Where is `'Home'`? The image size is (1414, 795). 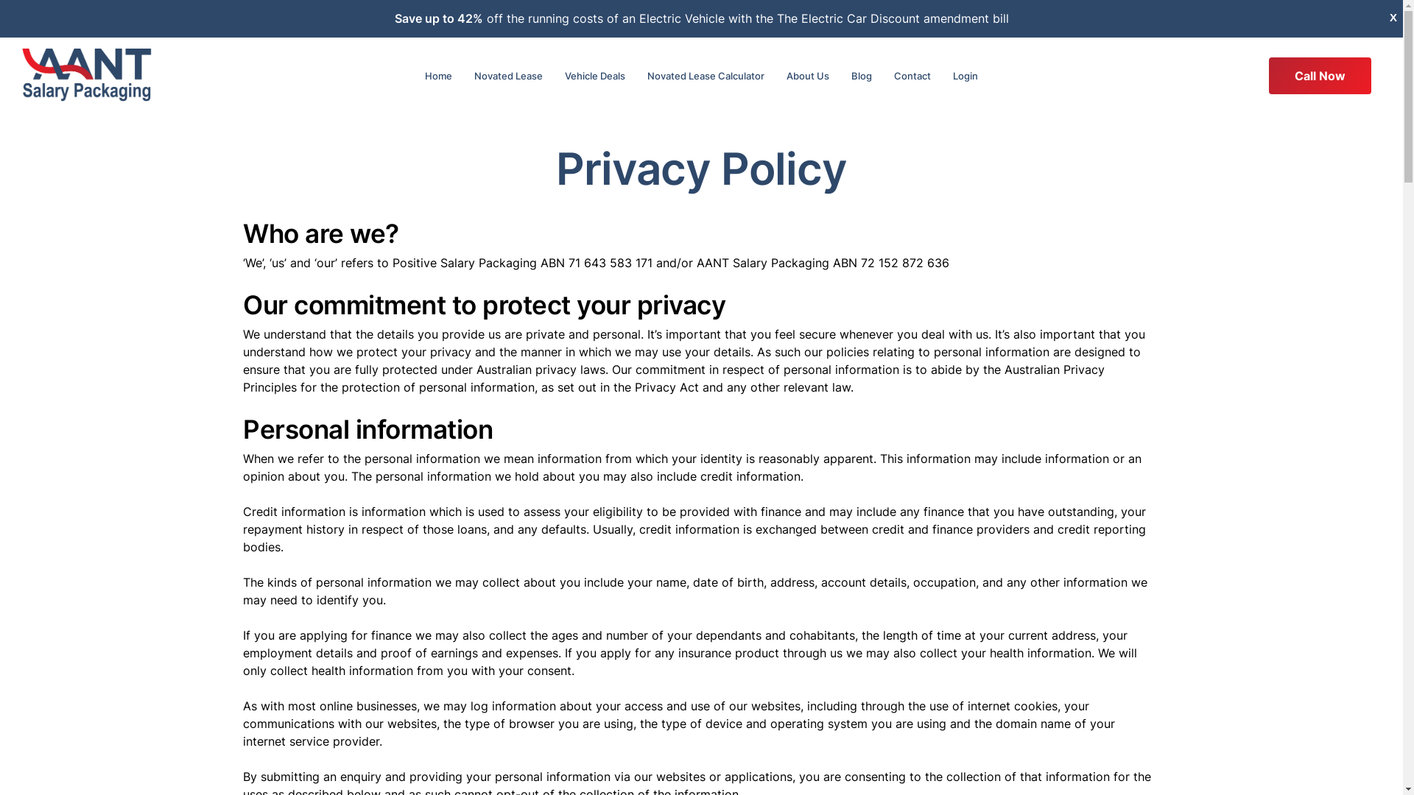 'Home' is located at coordinates (437, 76).